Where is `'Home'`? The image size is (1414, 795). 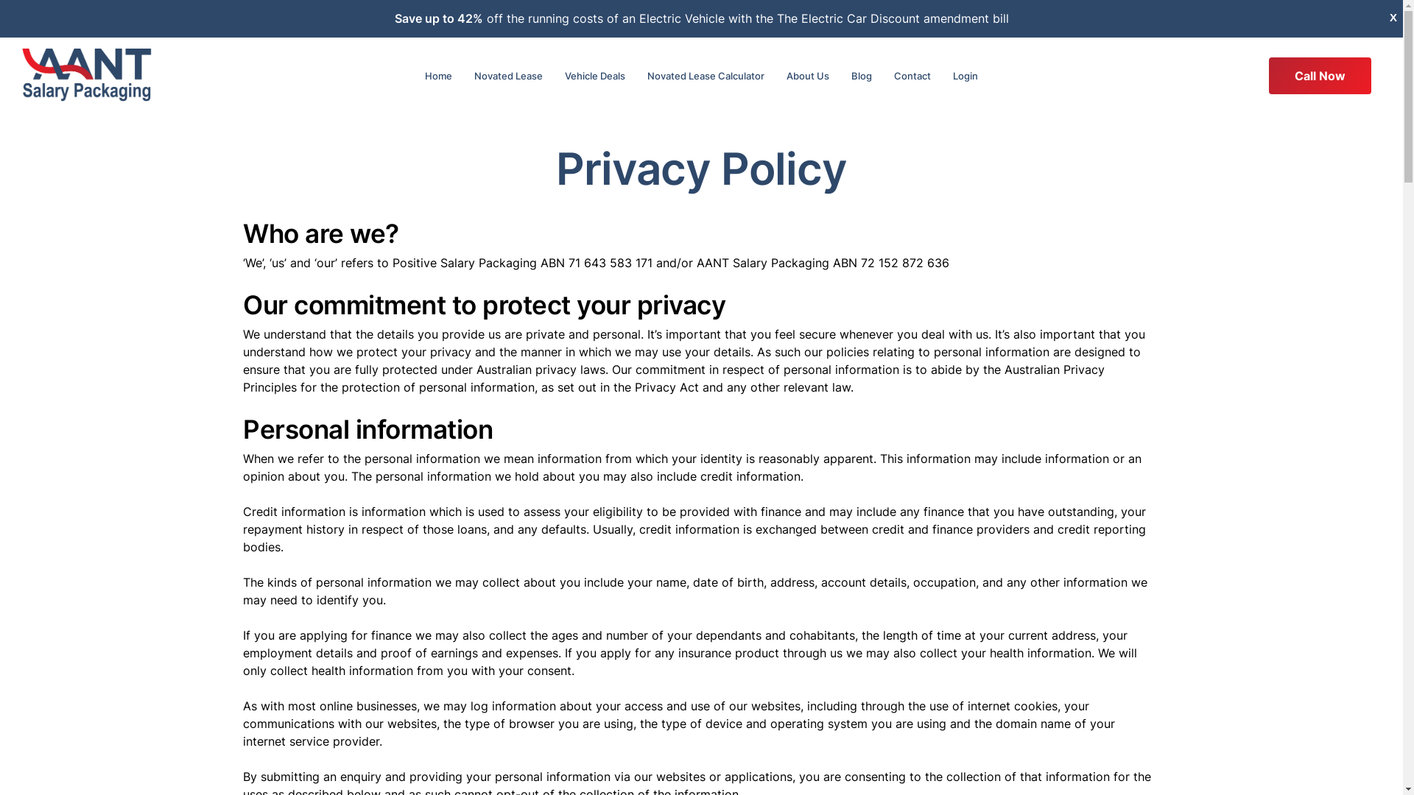 'Home' is located at coordinates (437, 76).